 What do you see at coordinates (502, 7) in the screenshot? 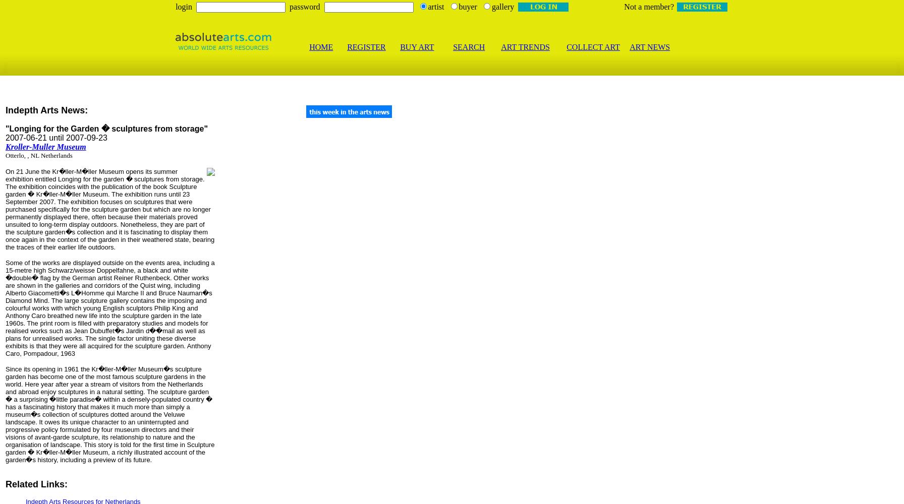
I see `'gallery'` at bounding box center [502, 7].